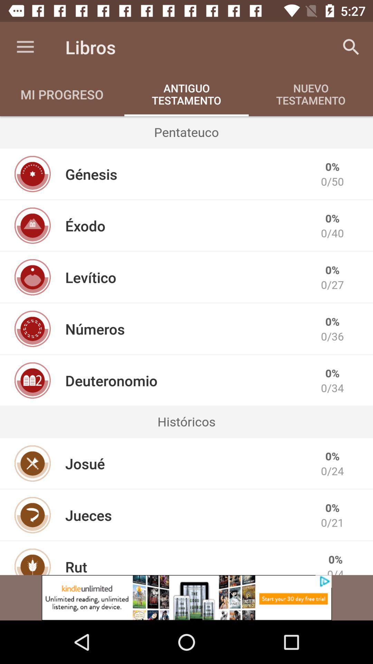  I want to click on the icon below antiguo testamento icon, so click(186, 132).